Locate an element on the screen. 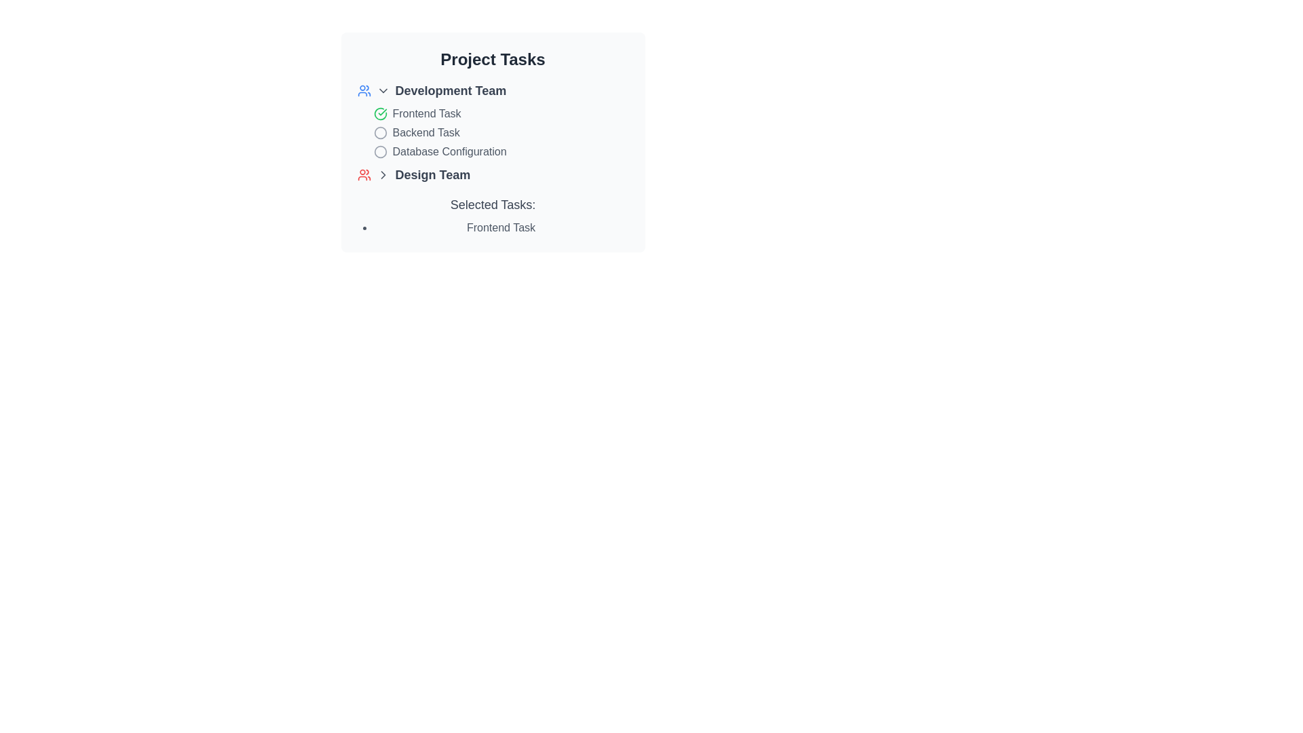  the 'Design Team' item in the task list is located at coordinates (492, 174).